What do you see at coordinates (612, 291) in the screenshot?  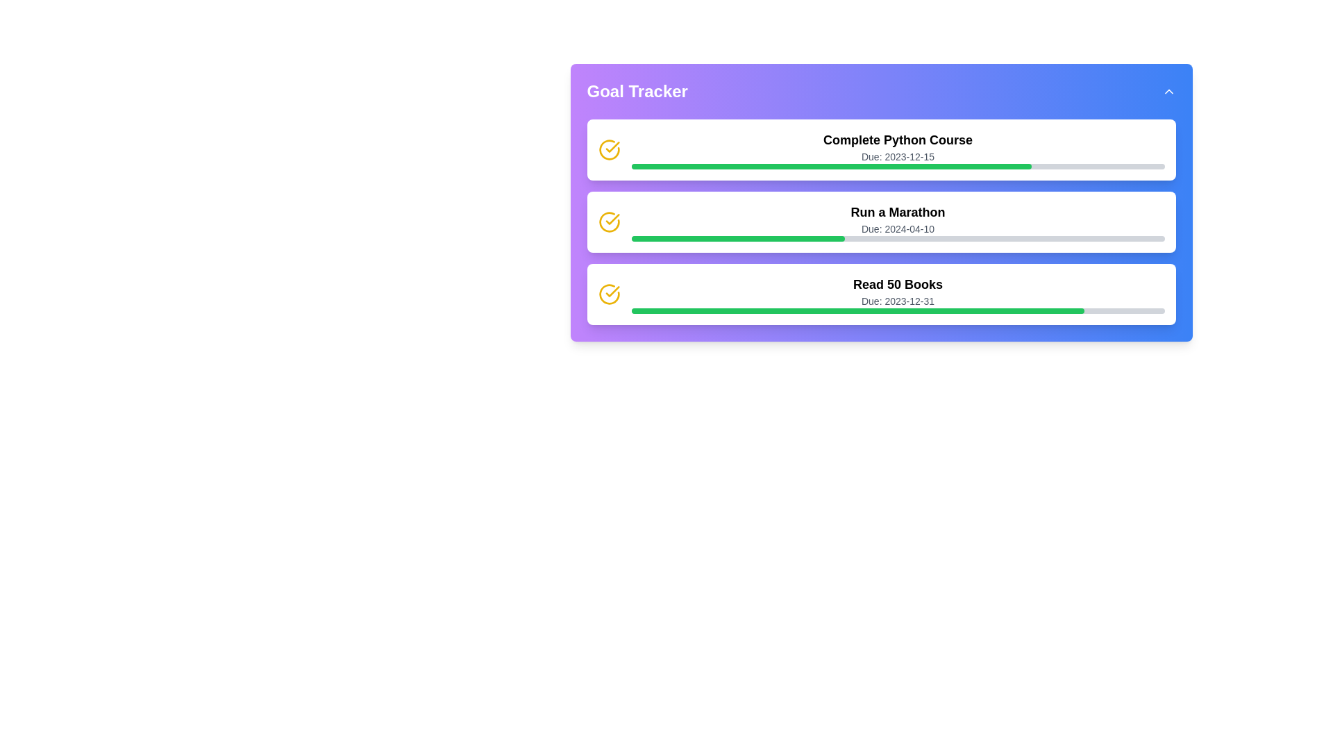 I see `SVG graphical checkmark element located within the first item of the goal tracker list, which indicates the completion status of the 'Complete Python Course' goal` at bounding box center [612, 291].